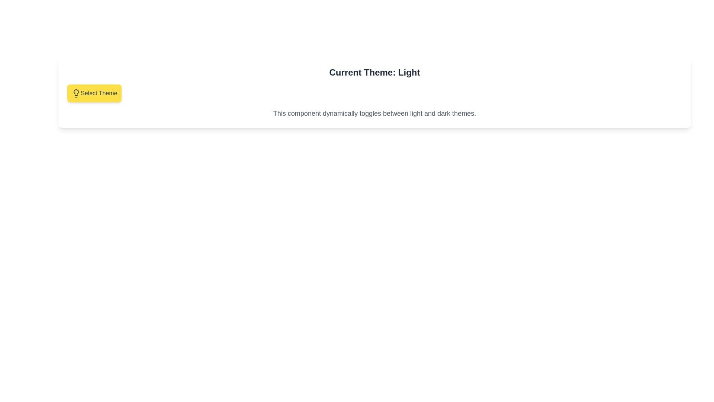 This screenshot has height=402, width=714. I want to click on the lightbulb icon located inside the yellow 'Select Theme' button, which is positioned to the far left of the button's text, so click(76, 93).